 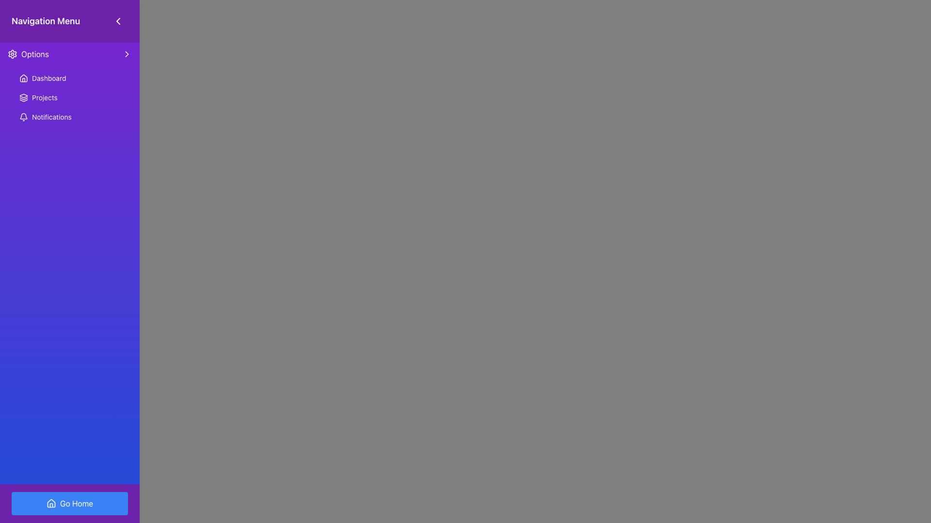 What do you see at coordinates (23, 100) in the screenshot?
I see `the decorative vector shape located in the 'Projects' section of the navigation menu, which enhances the visual representation of the category` at bounding box center [23, 100].